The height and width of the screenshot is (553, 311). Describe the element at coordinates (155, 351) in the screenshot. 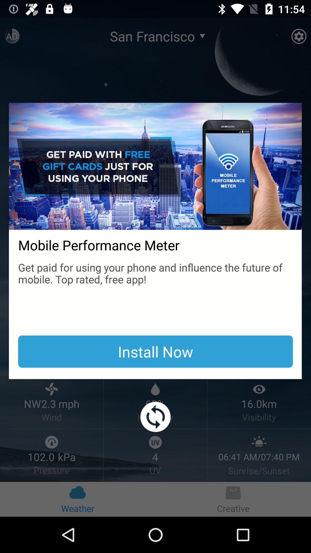

I see `install now icon` at that location.